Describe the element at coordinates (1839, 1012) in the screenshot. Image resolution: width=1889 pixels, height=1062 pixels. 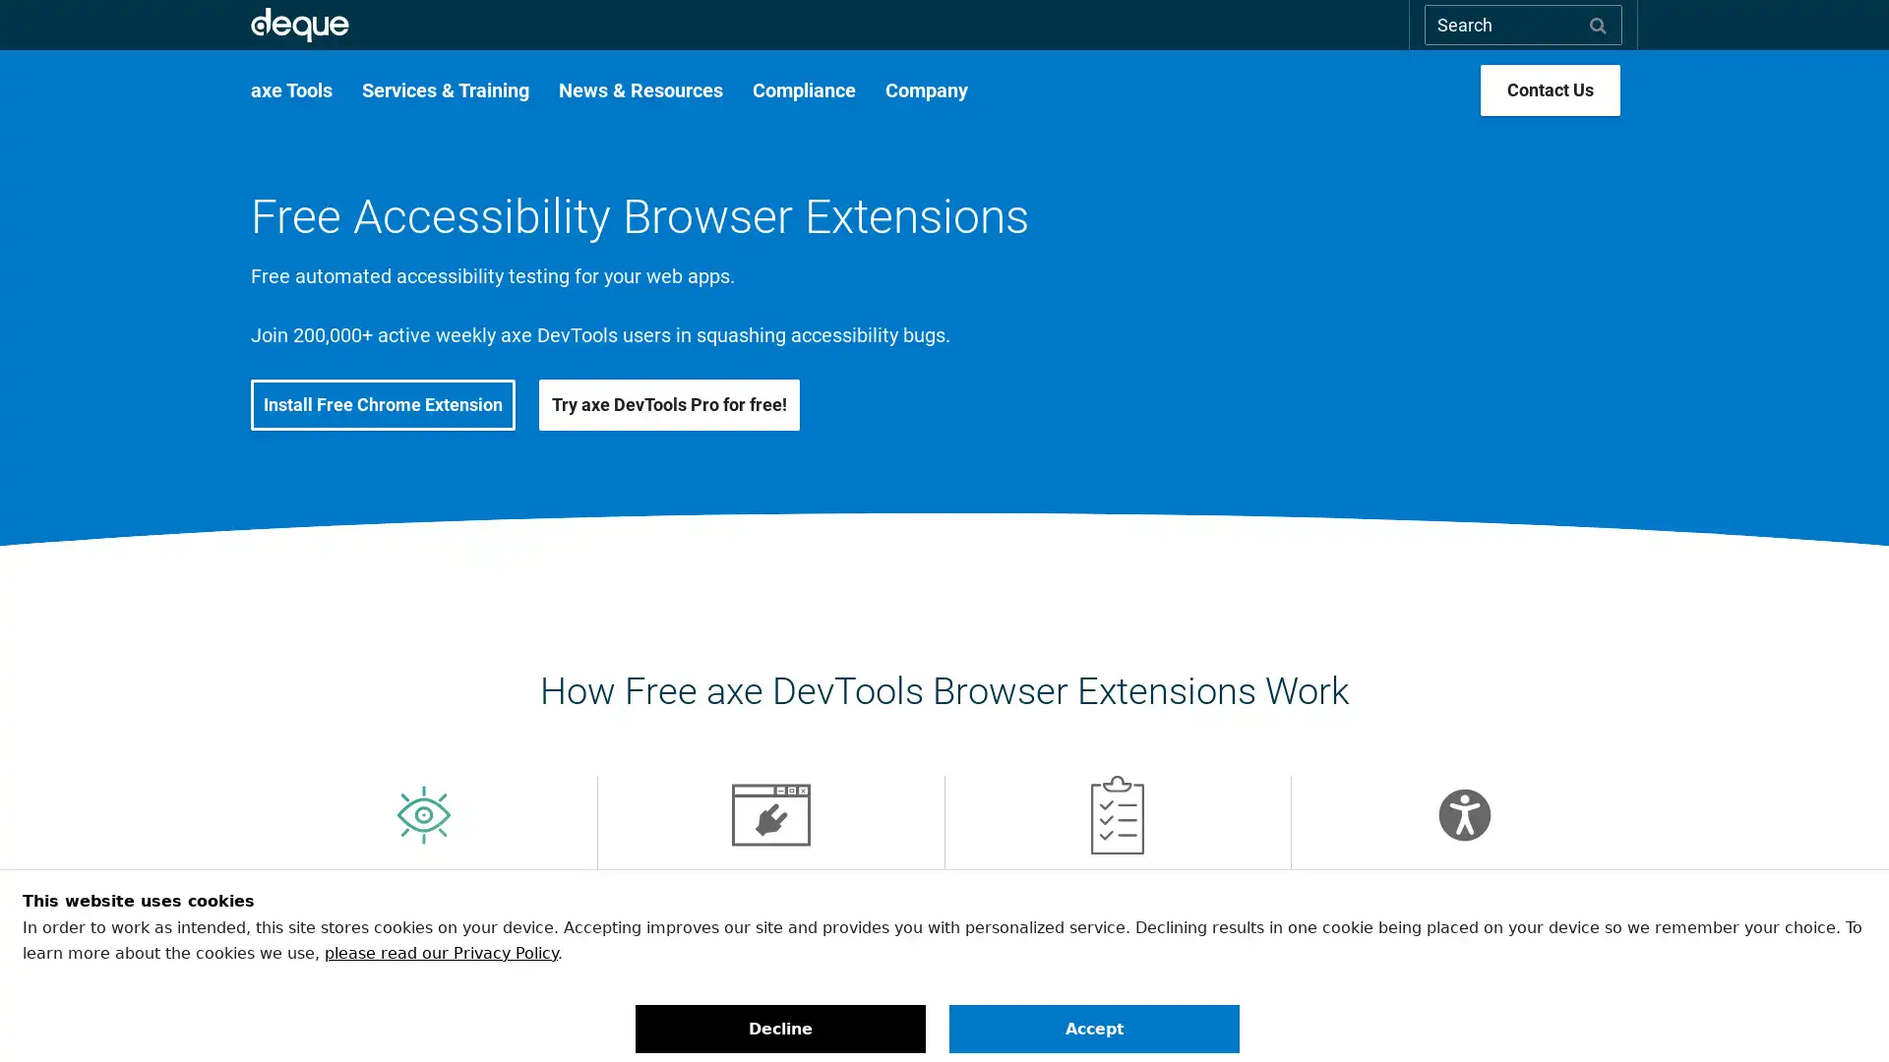
I see `Open Intercom Messenger` at that location.